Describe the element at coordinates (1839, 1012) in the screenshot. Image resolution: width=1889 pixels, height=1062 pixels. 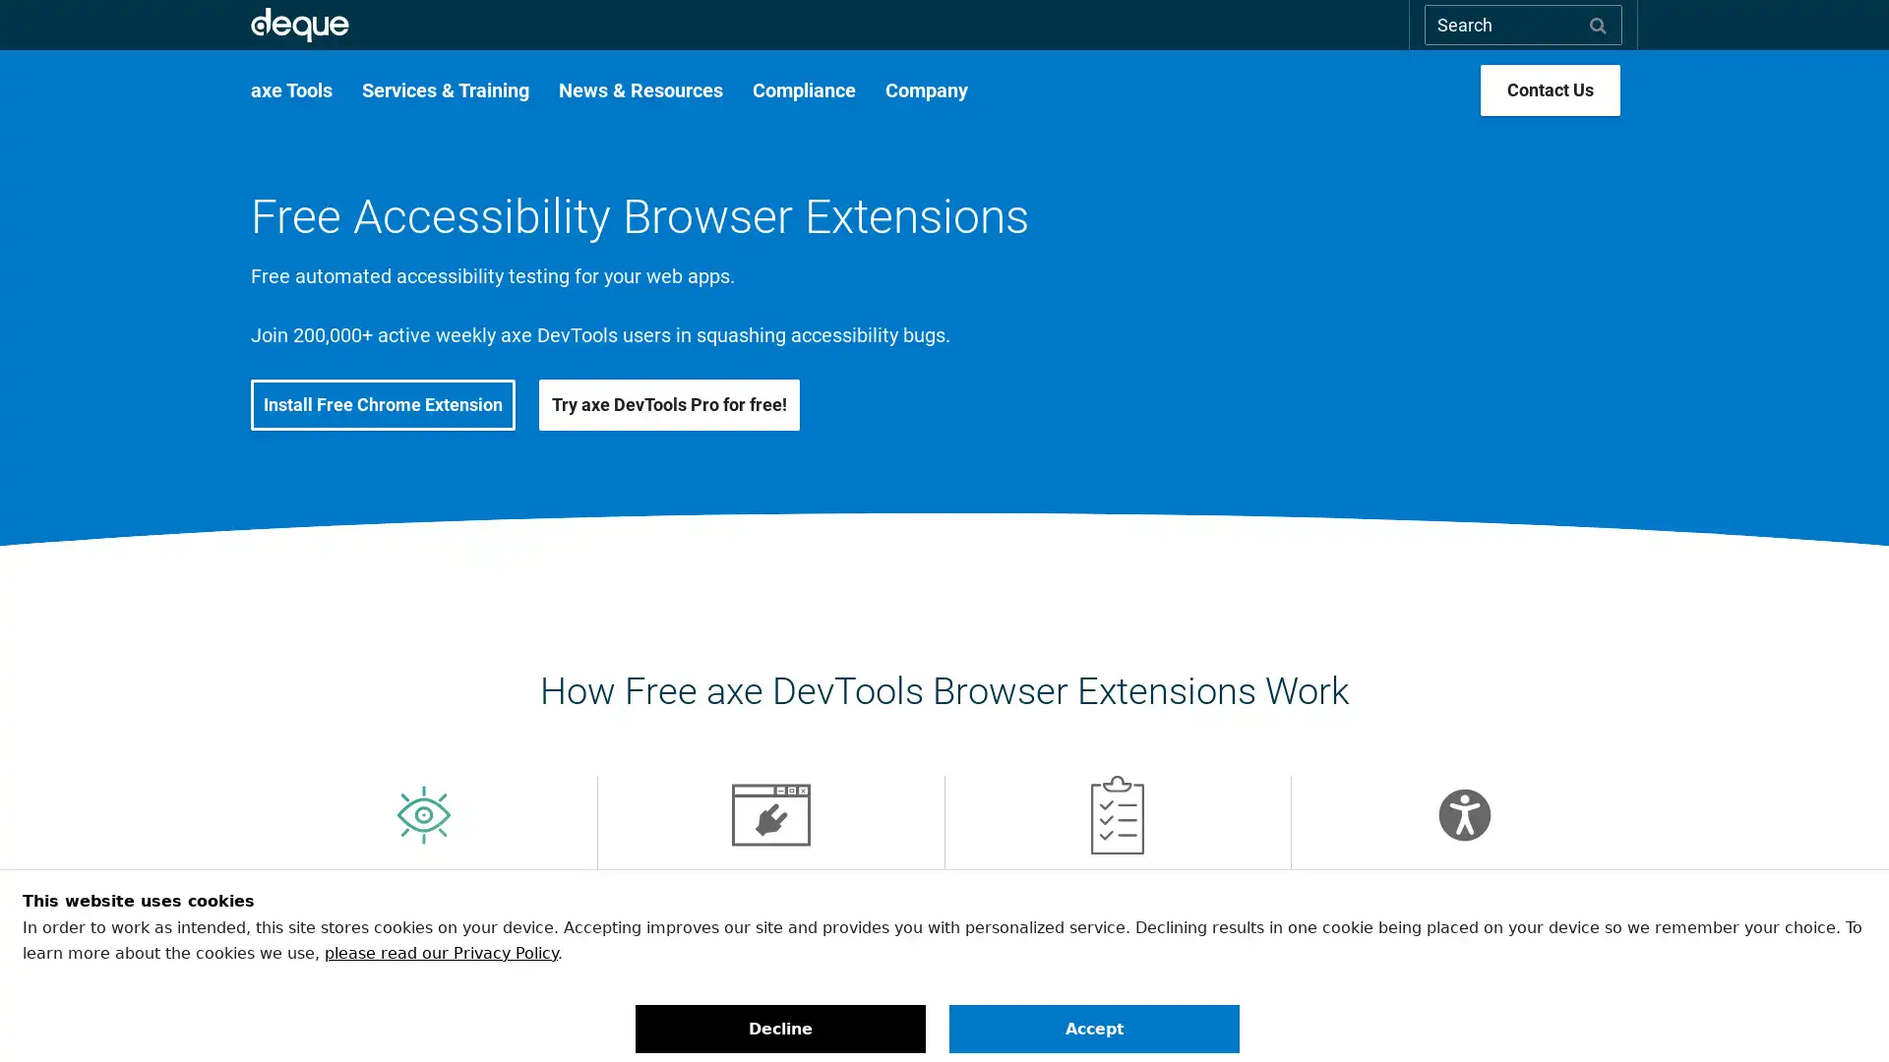
I see `Open Intercom Messenger` at that location.